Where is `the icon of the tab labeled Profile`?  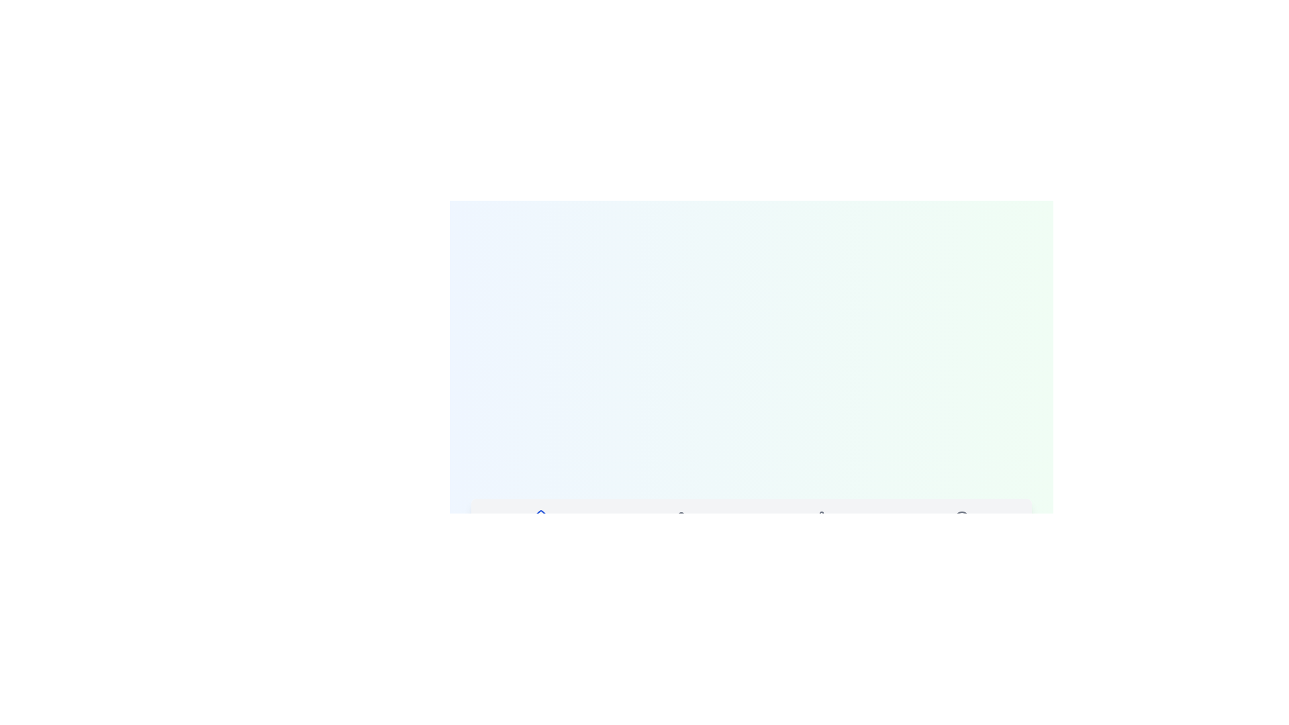 the icon of the tab labeled Profile is located at coordinates (681, 518).